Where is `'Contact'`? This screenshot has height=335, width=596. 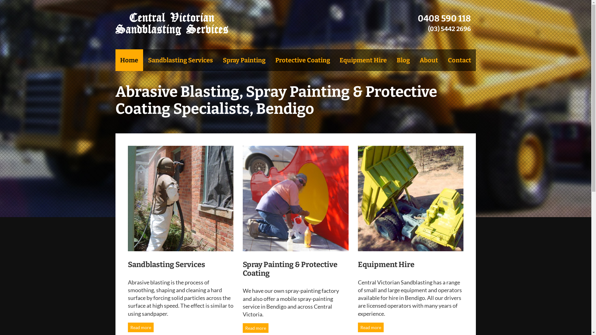 'Contact' is located at coordinates (442, 60).